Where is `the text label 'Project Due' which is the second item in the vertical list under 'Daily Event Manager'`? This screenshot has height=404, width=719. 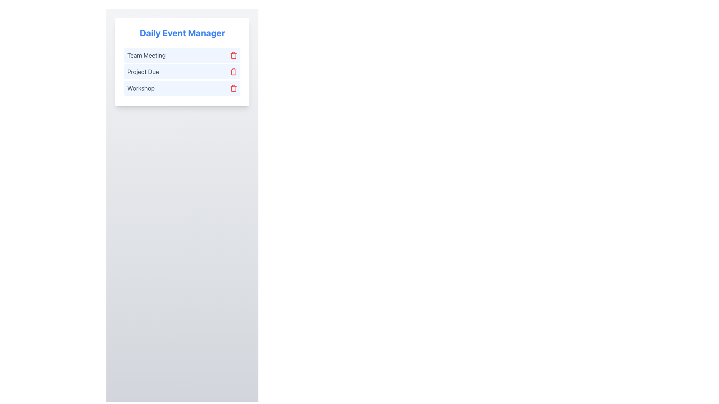 the text label 'Project Due' which is the second item in the vertical list under 'Daily Event Manager' is located at coordinates (143, 72).